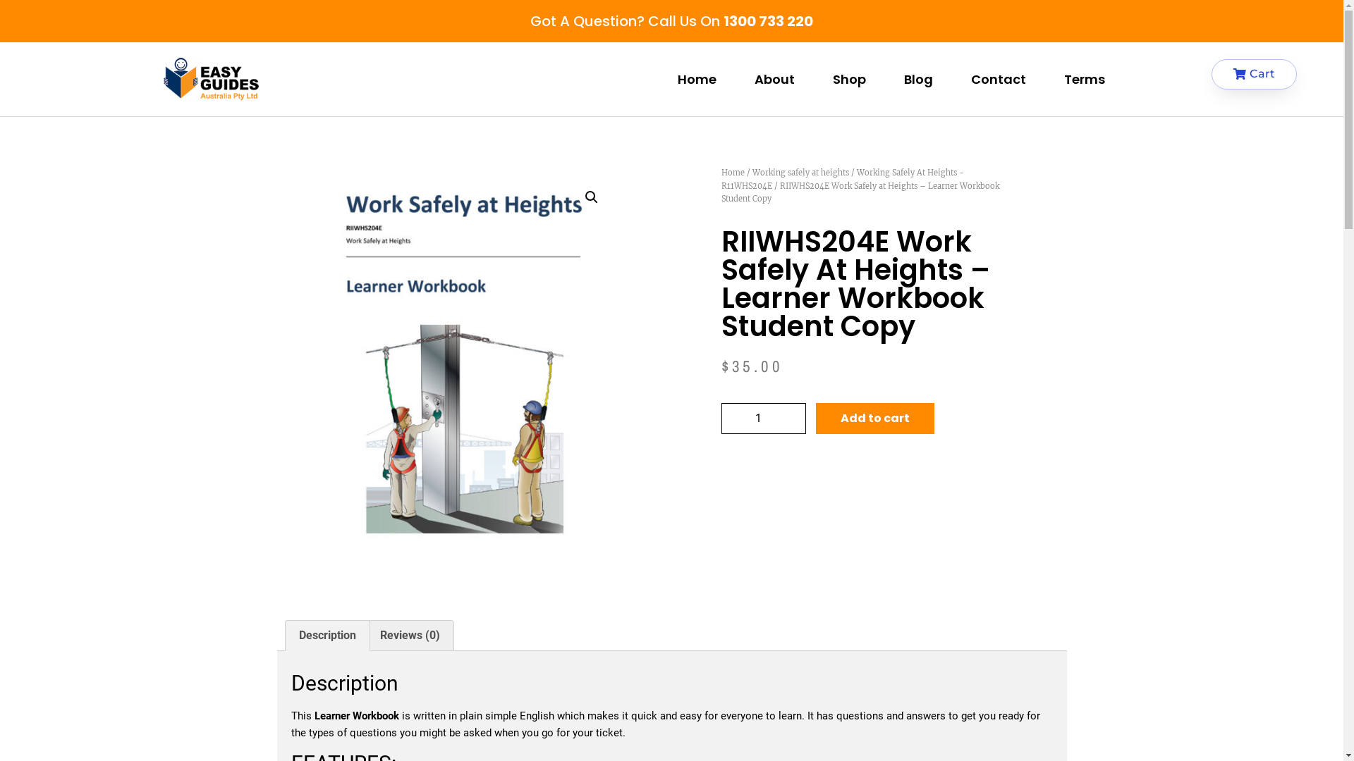  I want to click on 'Terms', so click(1083, 79).